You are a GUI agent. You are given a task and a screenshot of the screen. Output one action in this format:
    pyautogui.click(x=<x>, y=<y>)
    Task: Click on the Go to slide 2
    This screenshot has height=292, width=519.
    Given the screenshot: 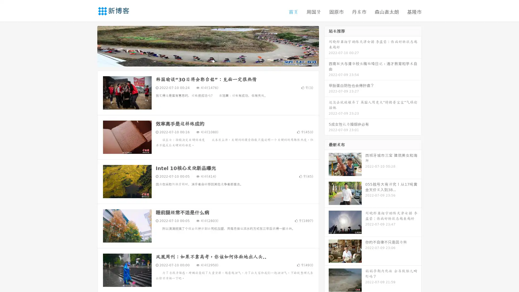 What is the action you would take?
    pyautogui.click(x=208, y=61)
    